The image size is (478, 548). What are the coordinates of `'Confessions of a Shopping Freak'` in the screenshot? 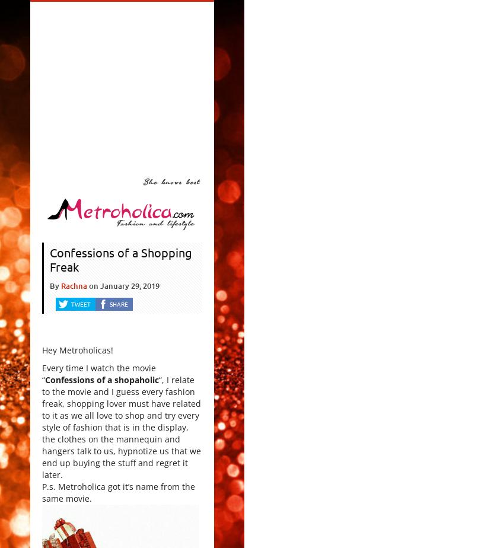 It's located at (49, 259).